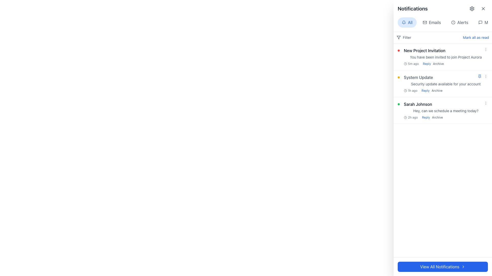  What do you see at coordinates (483, 9) in the screenshot?
I see `the Close button icon within the circular button at the top-right corner of the notification panel` at bounding box center [483, 9].